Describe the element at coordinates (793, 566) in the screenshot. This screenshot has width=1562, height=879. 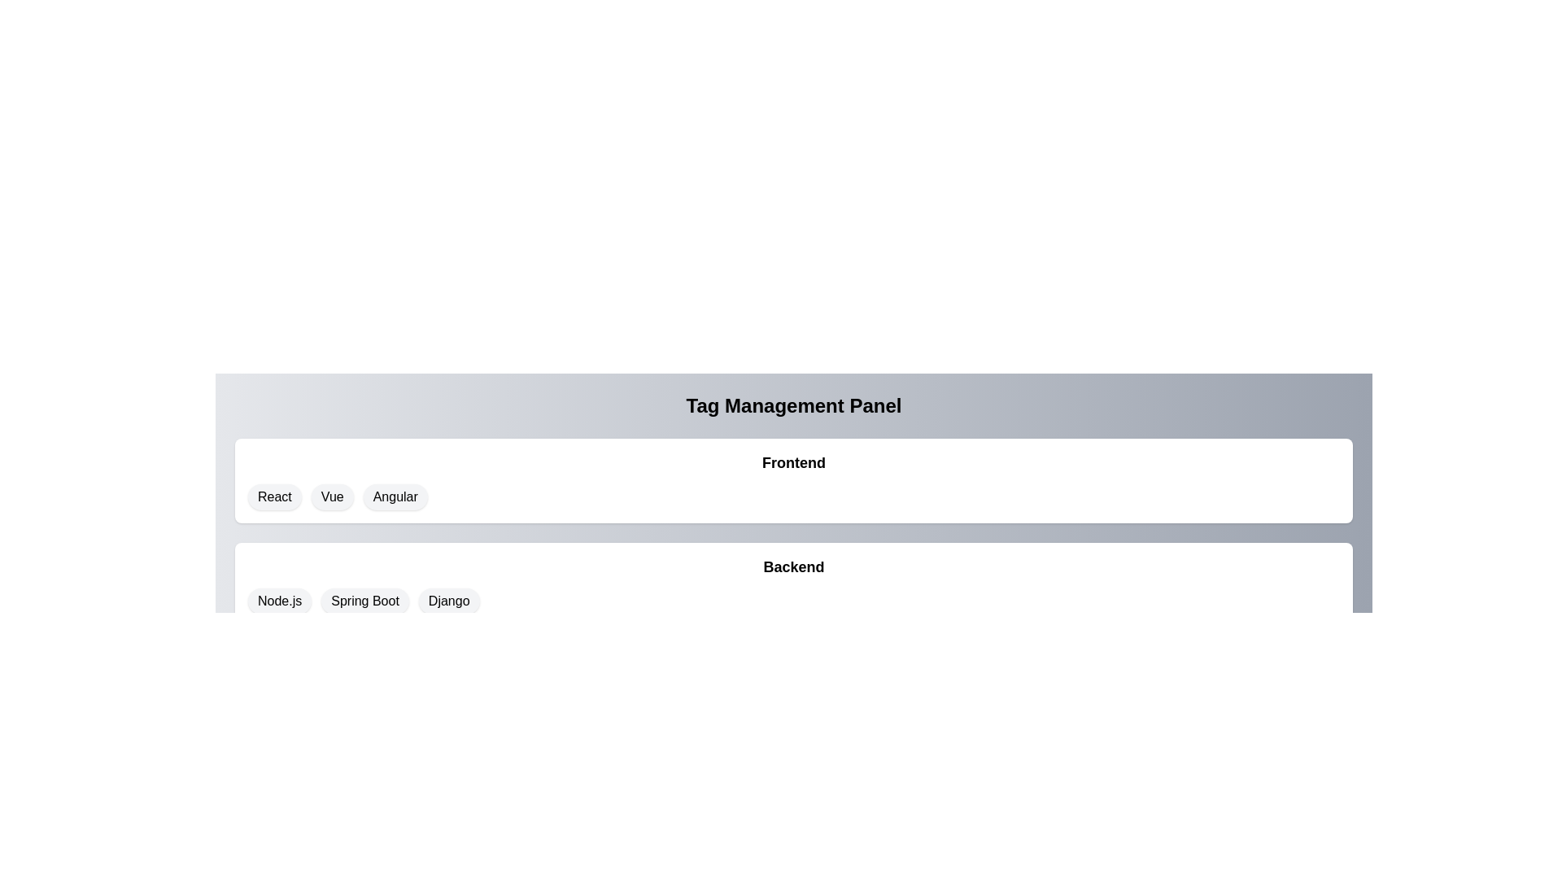
I see `the non-interactive heading labeled 'Backend', which visually groups related technologies, to read the text` at that location.